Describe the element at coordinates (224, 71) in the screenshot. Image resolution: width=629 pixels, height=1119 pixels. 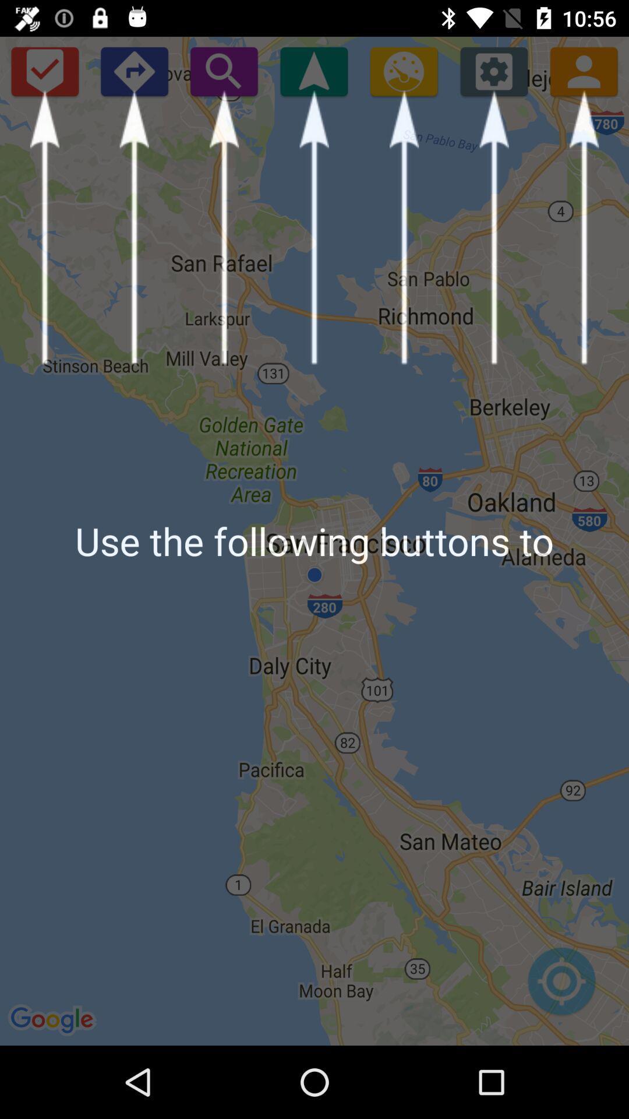
I see `the app above the use the following` at that location.